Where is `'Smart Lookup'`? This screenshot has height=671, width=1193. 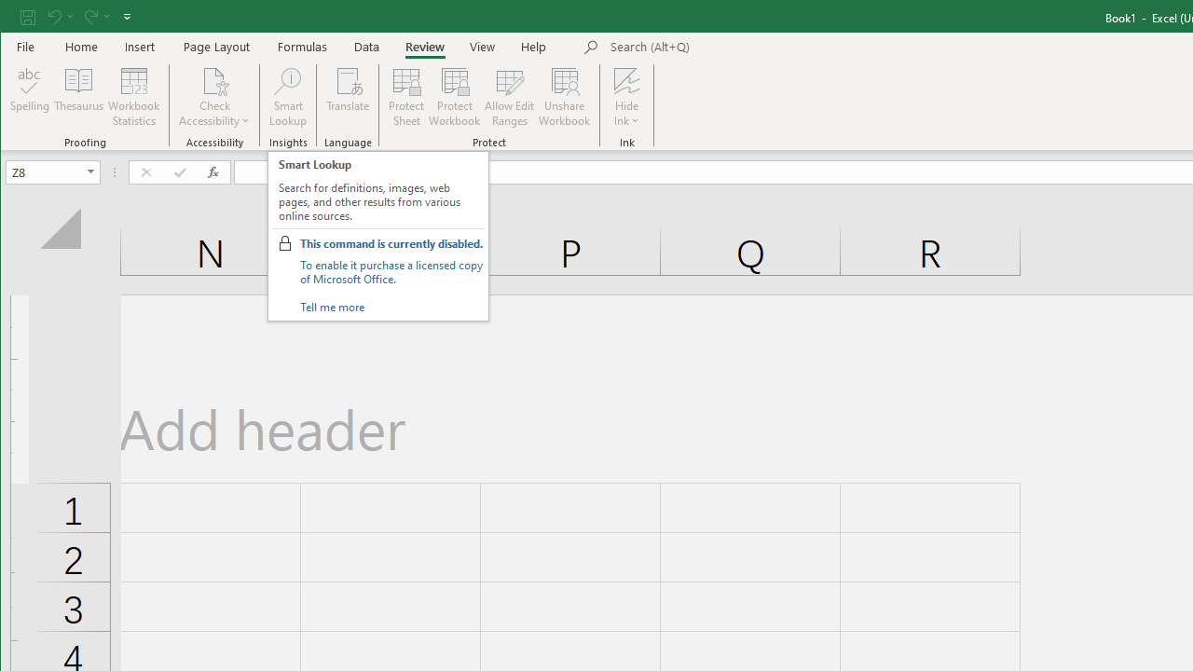
'Smart Lookup' is located at coordinates (287, 97).